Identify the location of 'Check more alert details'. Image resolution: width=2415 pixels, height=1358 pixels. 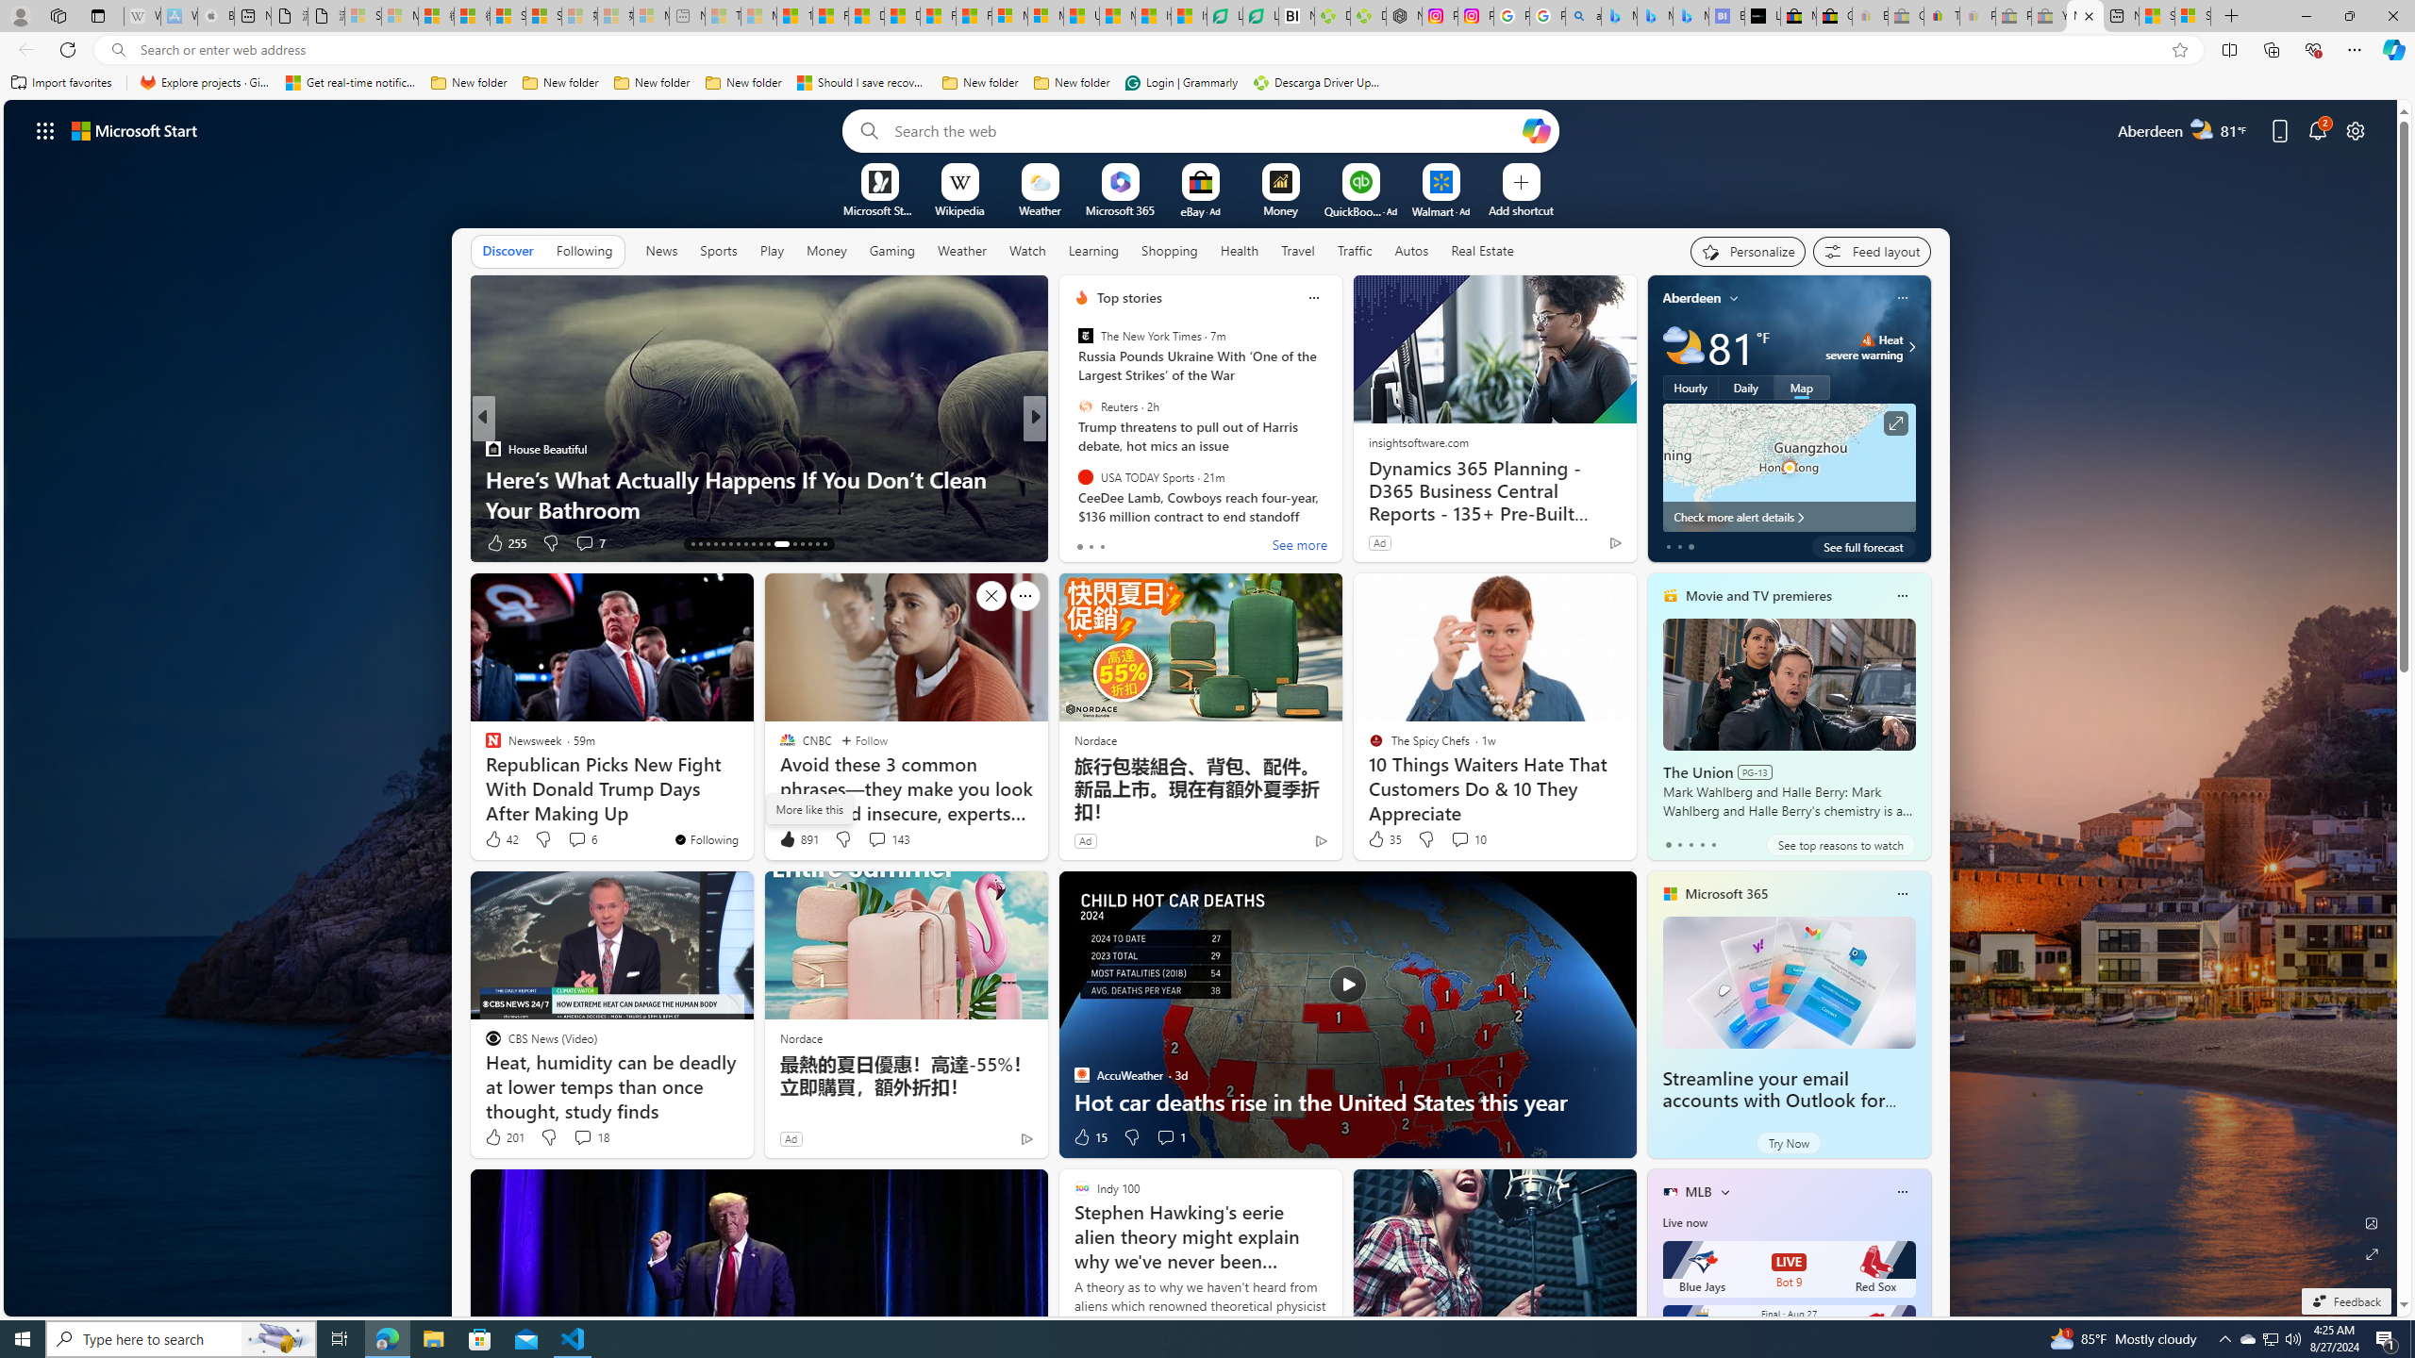
(1788, 516).